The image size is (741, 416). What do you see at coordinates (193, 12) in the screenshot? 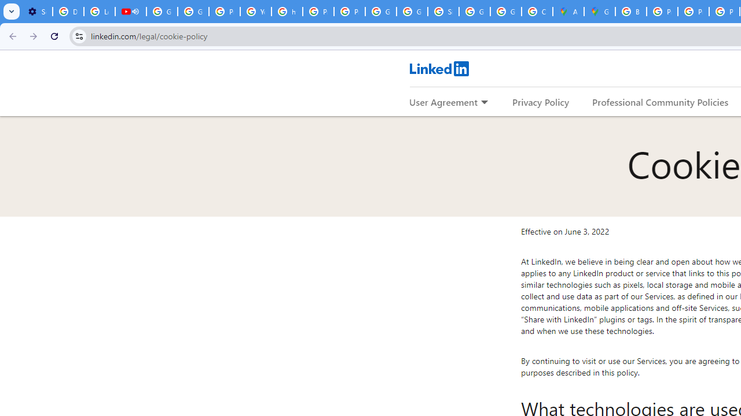
I see `'Google Account Help'` at bounding box center [193, 12].